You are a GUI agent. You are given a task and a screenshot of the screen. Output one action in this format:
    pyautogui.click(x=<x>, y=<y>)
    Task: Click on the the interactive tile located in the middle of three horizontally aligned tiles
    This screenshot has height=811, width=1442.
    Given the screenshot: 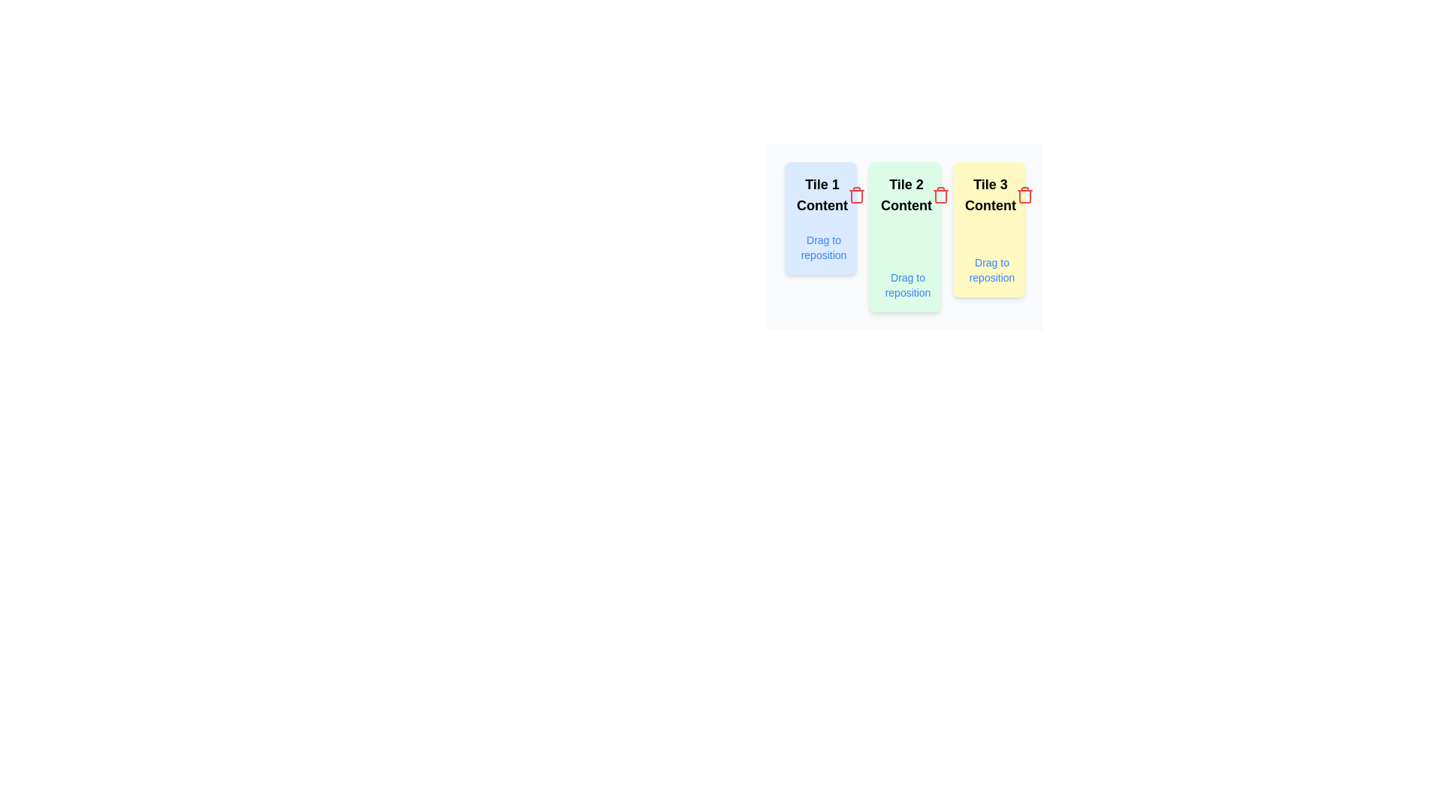 What is the action you would take?
    pyautogui.click(x=904, y=237)
    